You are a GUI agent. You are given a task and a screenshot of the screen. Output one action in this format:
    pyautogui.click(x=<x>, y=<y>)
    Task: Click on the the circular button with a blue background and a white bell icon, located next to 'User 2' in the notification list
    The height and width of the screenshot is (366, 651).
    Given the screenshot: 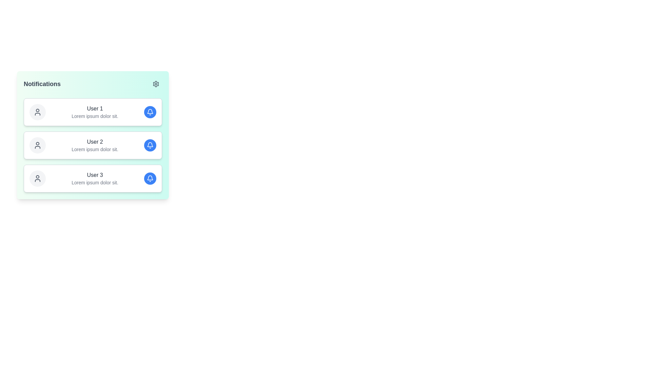 What is the action you would take?
    pyautogui.click(x=150, y=145)
    